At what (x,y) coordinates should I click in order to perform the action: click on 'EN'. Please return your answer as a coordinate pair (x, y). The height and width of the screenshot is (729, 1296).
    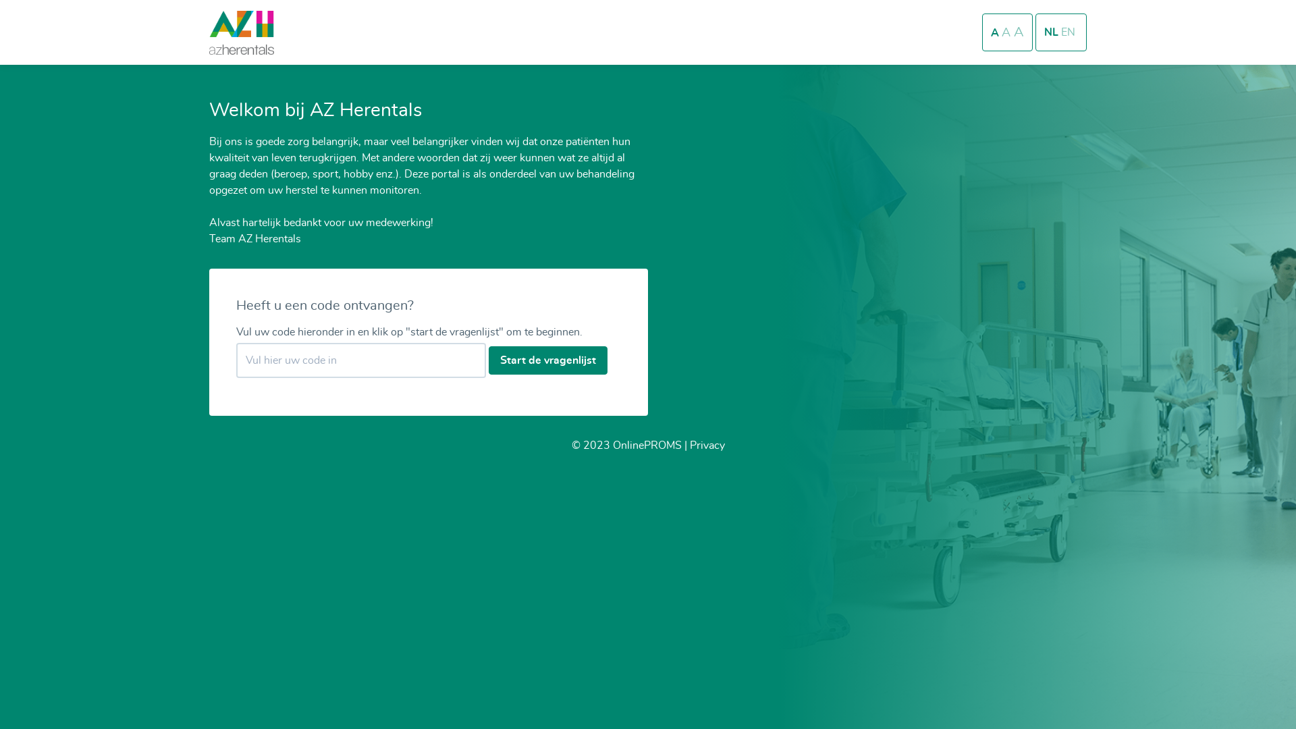
    Looking at the image, I should click on (1067, 31).